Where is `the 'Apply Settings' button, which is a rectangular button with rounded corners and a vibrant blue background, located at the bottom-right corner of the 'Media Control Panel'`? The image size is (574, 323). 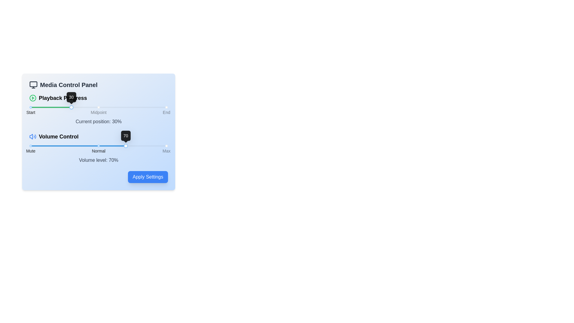
the 'Apply Settings' button, which is a rectangular button with rounded corners and a vibrant blue background, located at the bottom-right corner of the 'Media Control Panel' is located at coordinates (99, 176).